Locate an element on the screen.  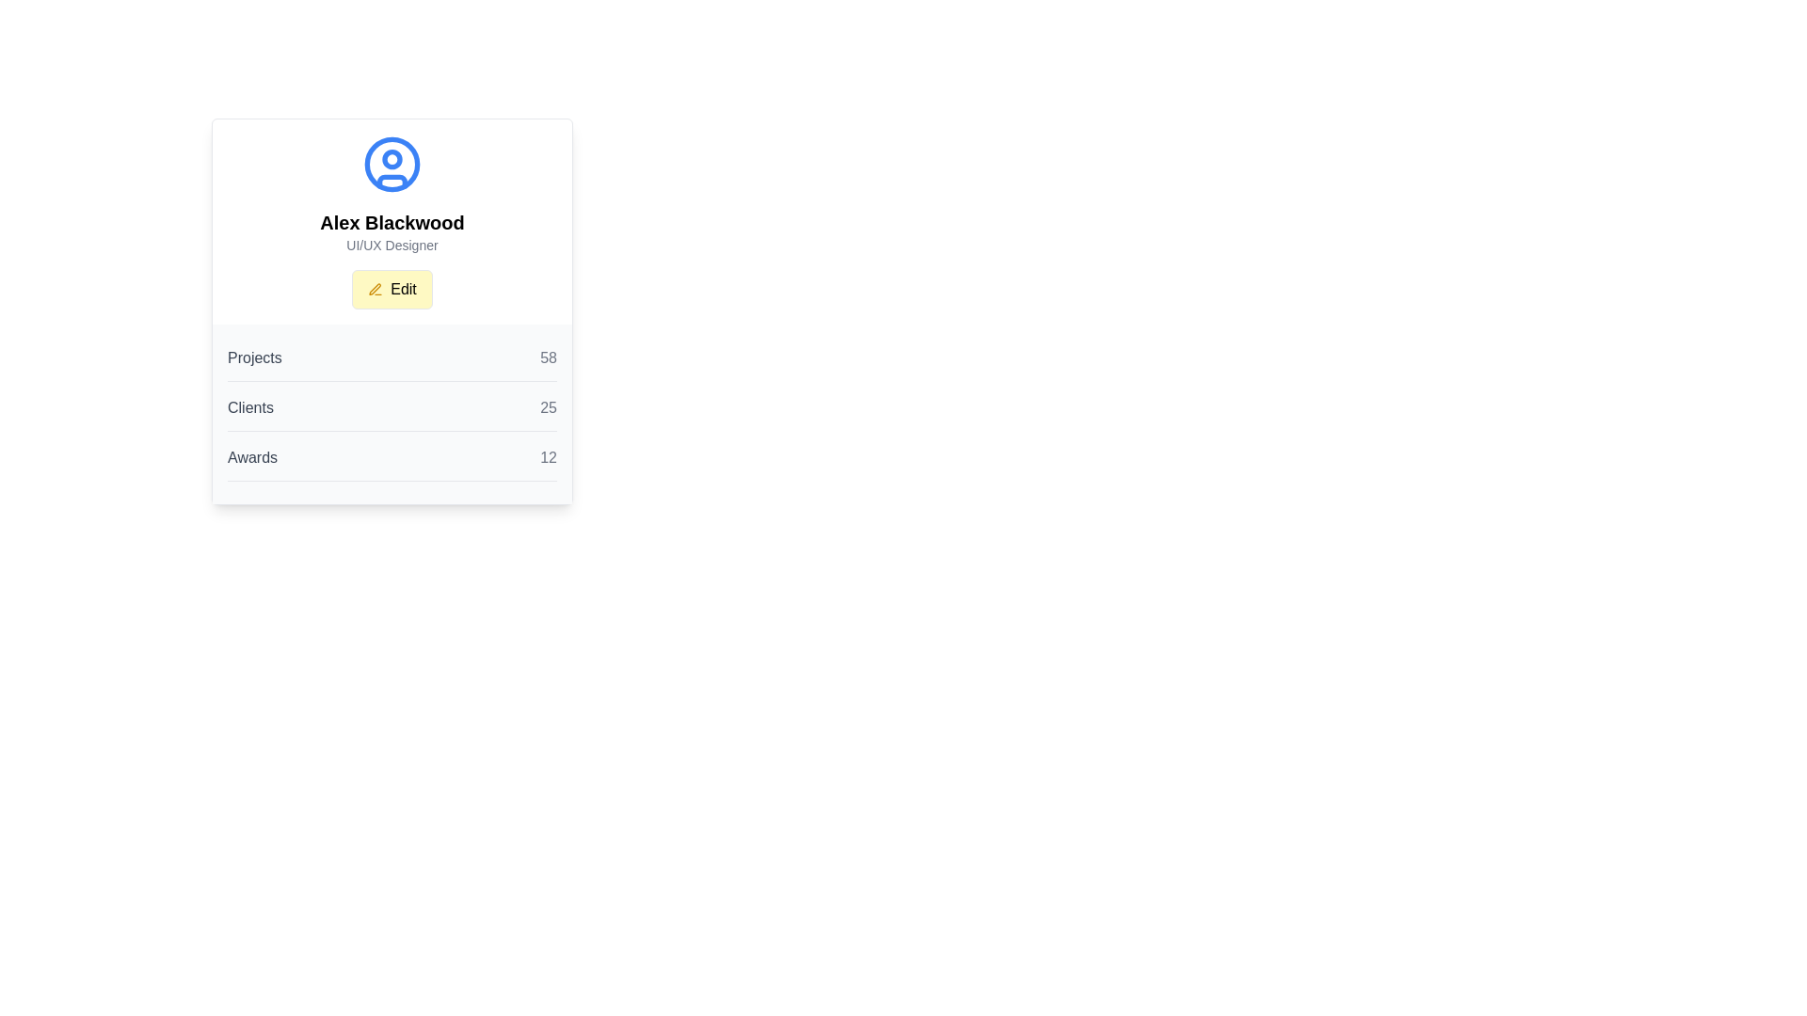
text 'UI/UX Designer' which is styled in light gray and positioned below the name 'Alex Blackwood' and above the 'Edit' button is located at coordinates (392, 245).